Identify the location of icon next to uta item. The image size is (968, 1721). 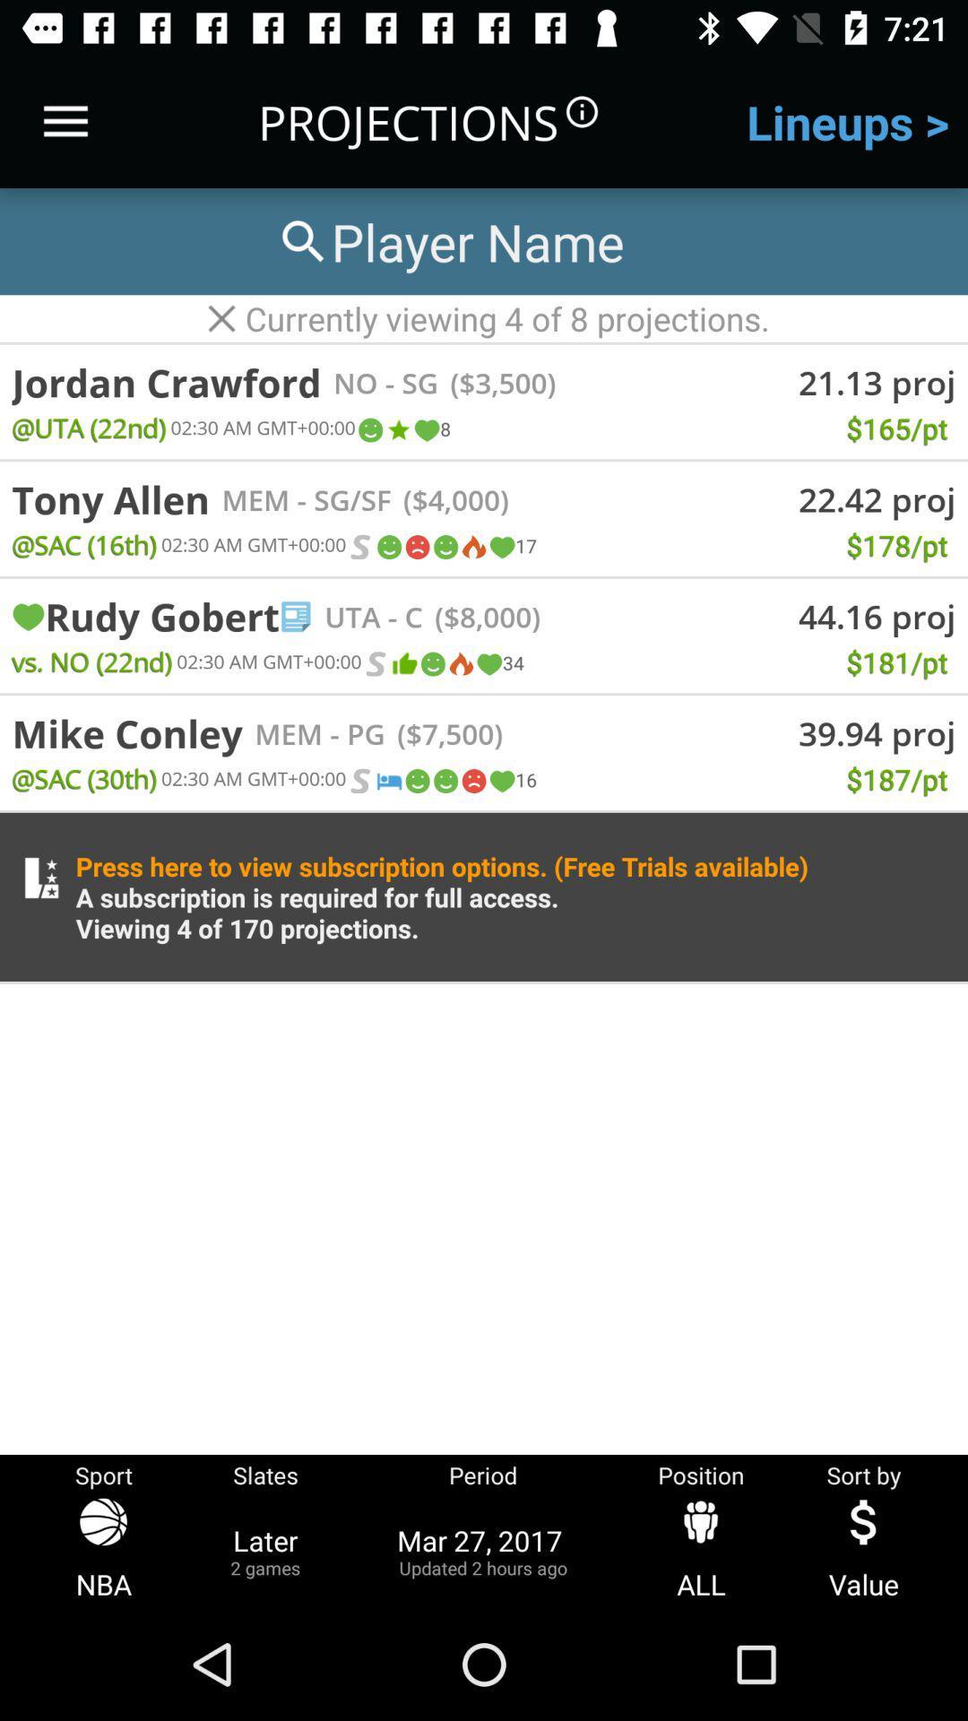
(401, 617).